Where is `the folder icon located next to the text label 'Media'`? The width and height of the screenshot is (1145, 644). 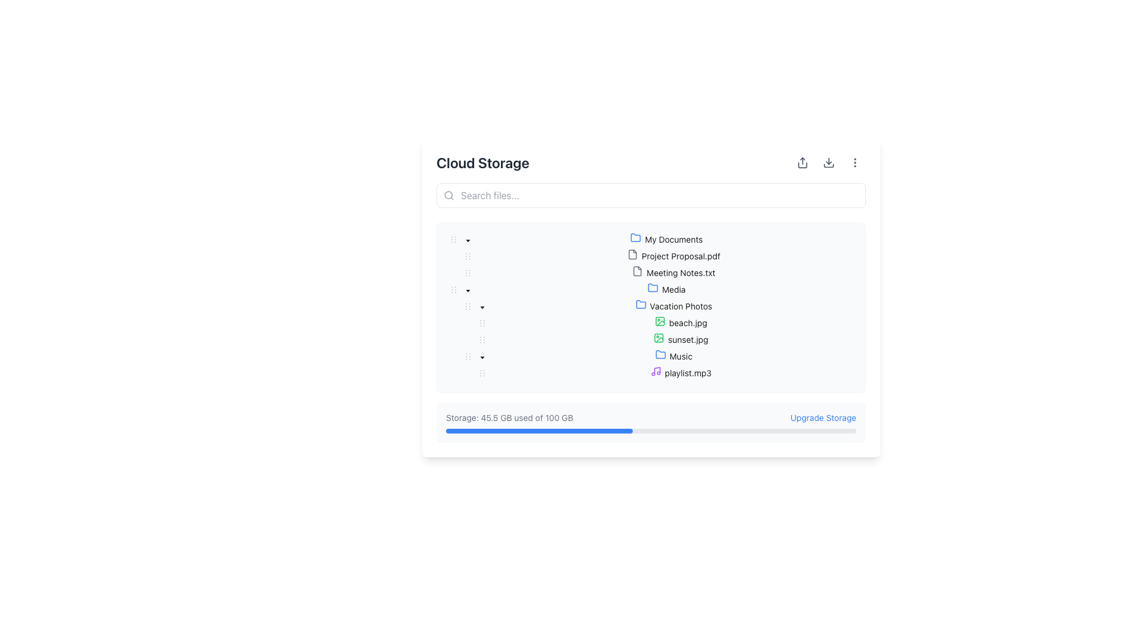 the folder icon located next to the text label 'Media' is located at coordinates (652, 287).